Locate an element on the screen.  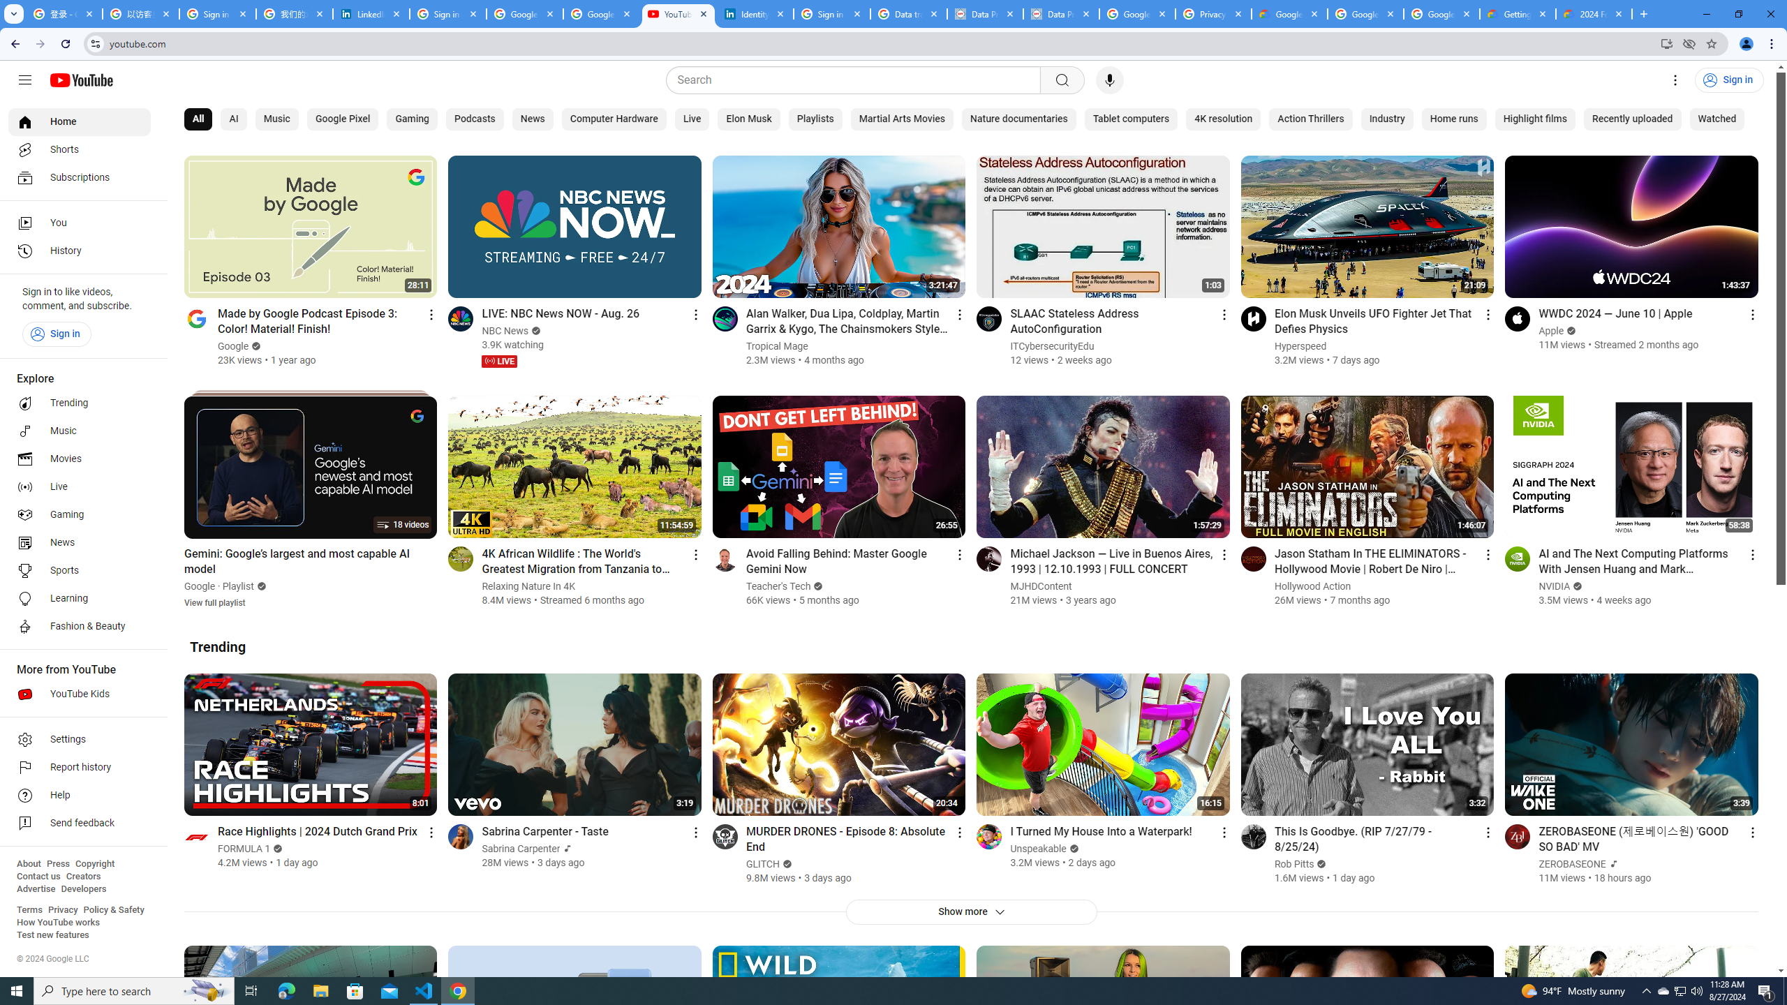
'All' is located at coordinates (198, 119).